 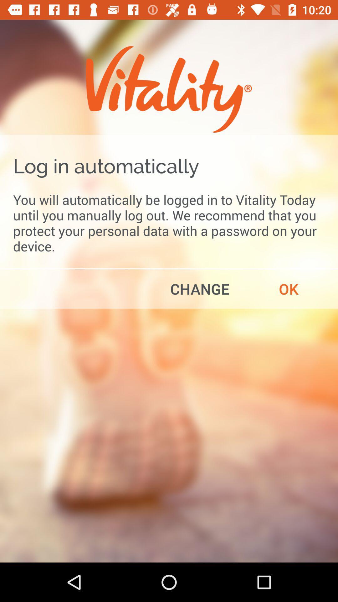 I want to click on the change icon, so click(x=200, y=288).